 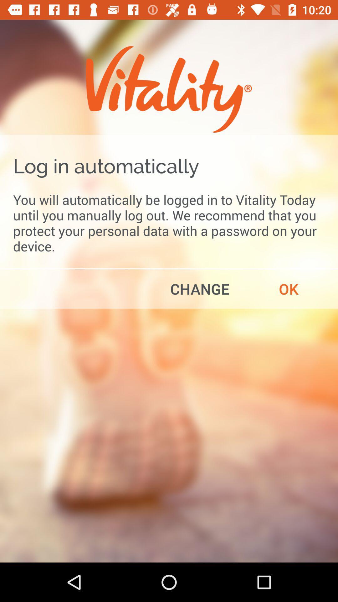 I want to click on the change icon, so click(x=200, y=288).